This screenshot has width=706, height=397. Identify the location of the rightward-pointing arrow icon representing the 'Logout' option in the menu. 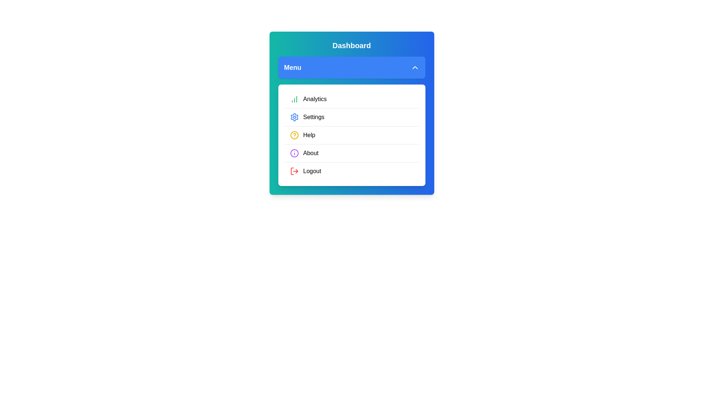
(296, 171).